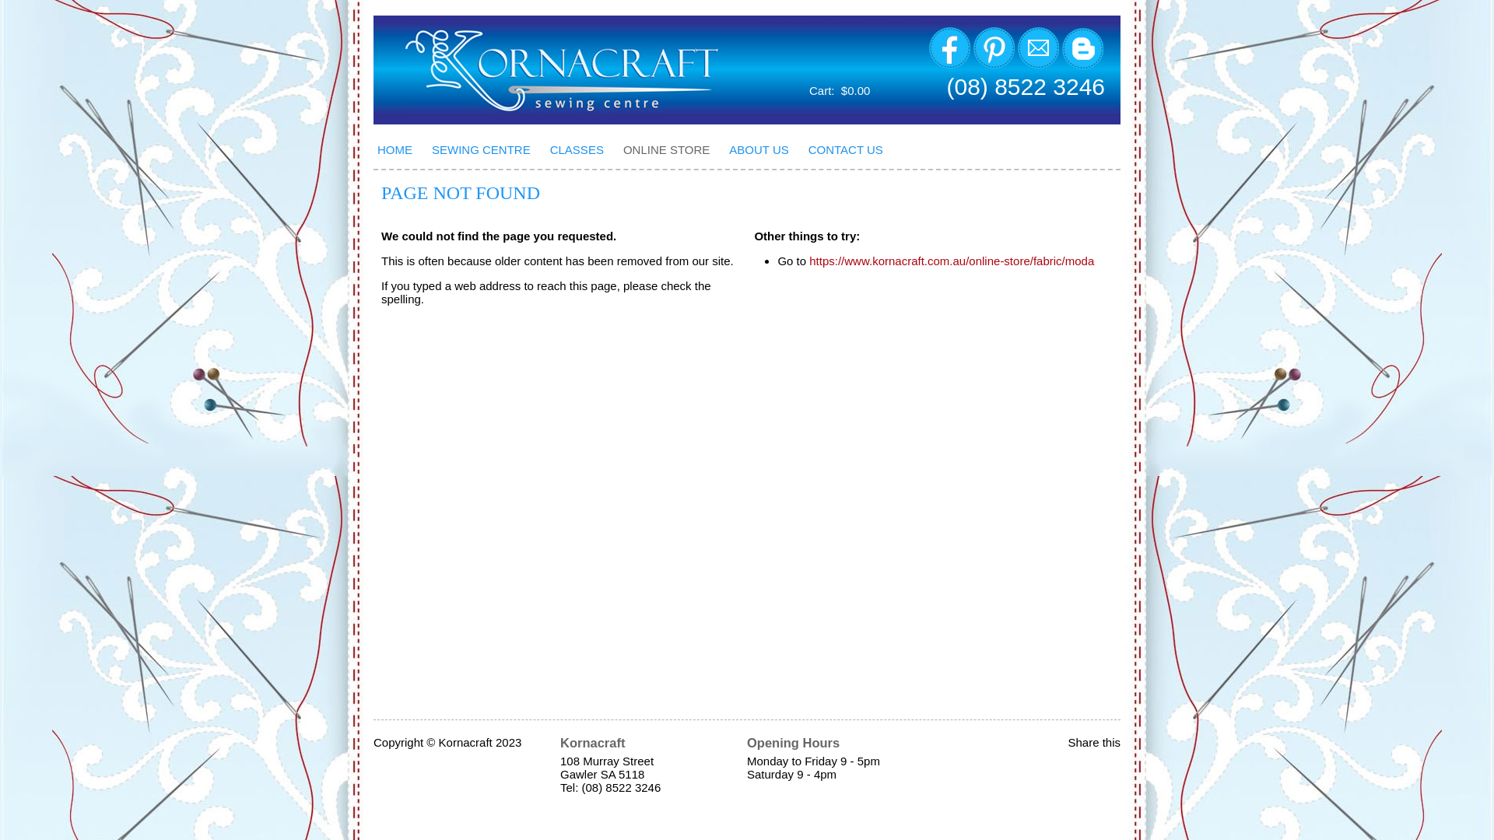 This screenshot has height=840, width=1494. I want to click on 'SEWING CENTRE', so click(486, 149).